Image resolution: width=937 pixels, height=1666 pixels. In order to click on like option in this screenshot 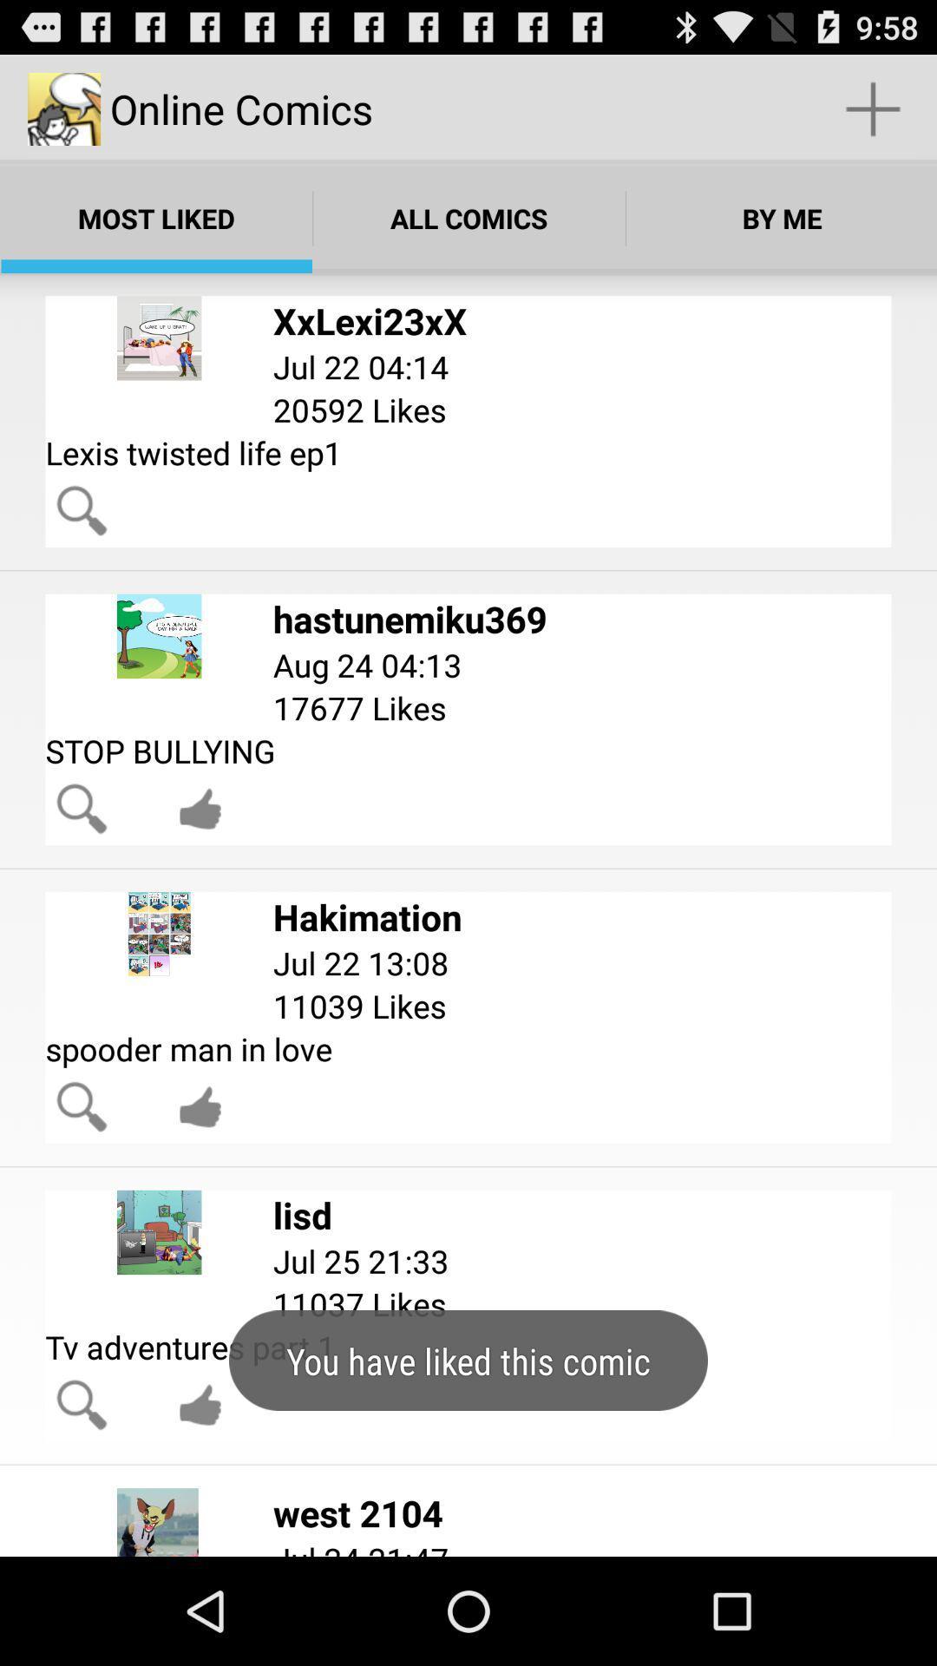, I will do `click(200, 808)`.